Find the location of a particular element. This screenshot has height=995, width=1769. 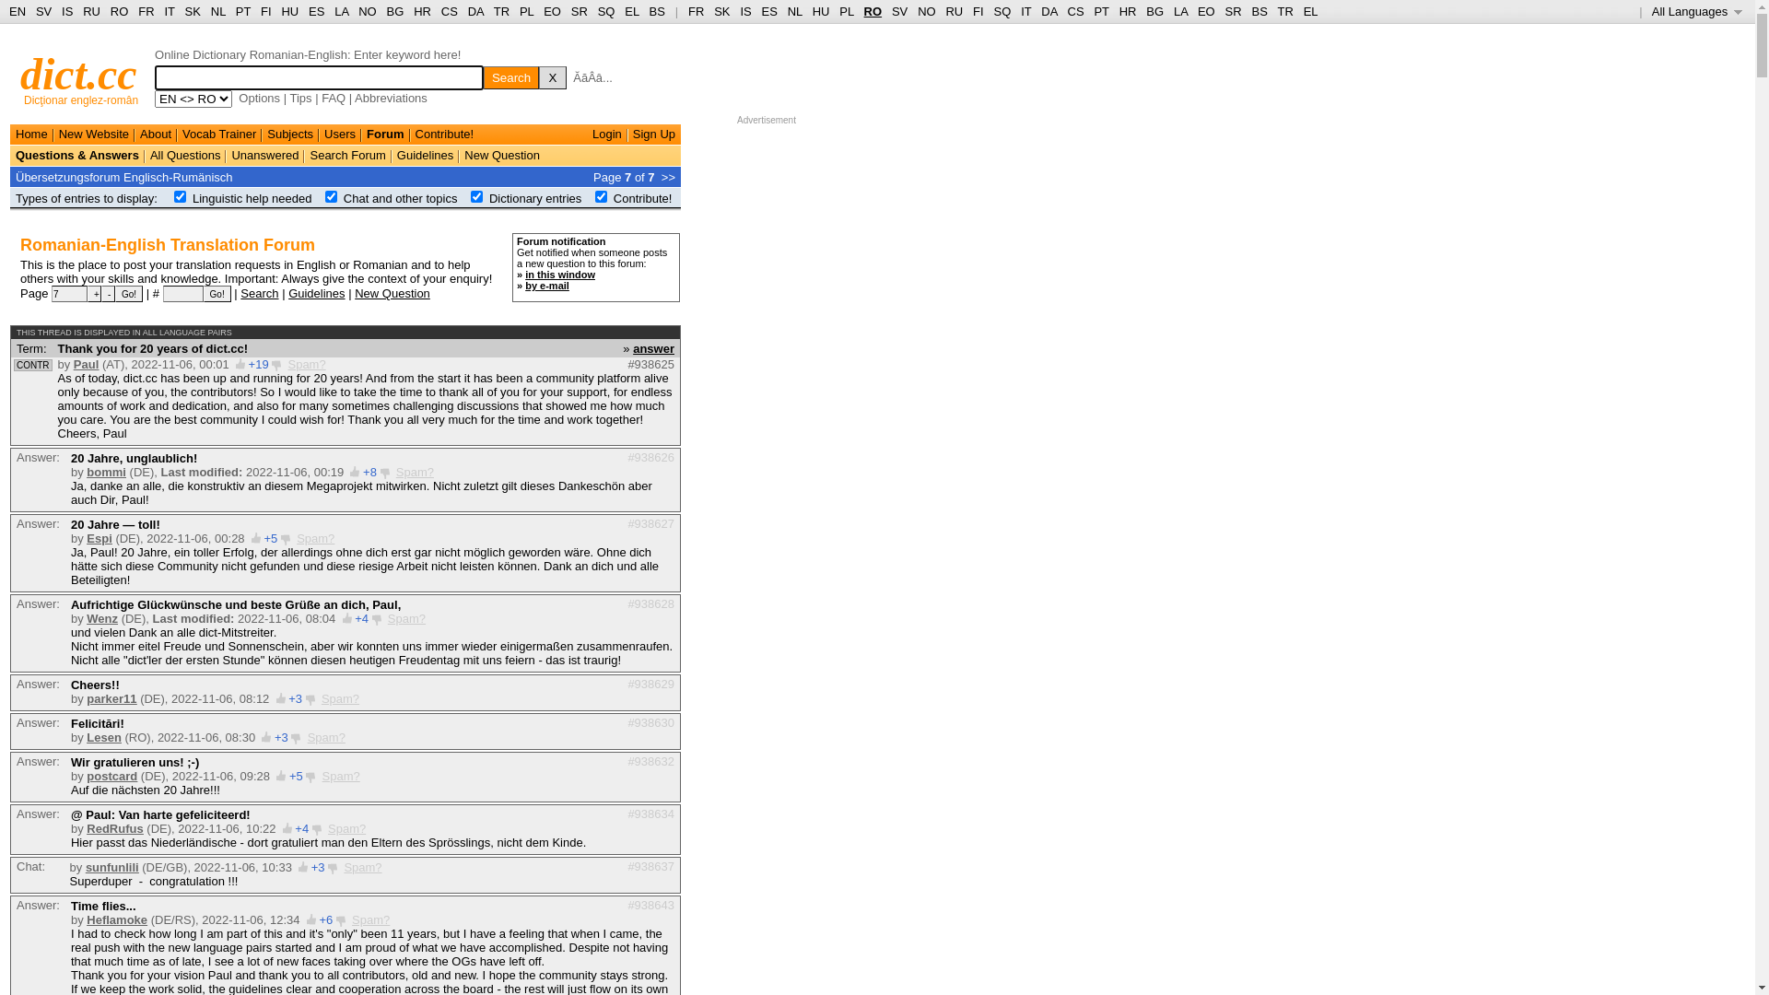

'#938626' is located at coordinates (650, 456).